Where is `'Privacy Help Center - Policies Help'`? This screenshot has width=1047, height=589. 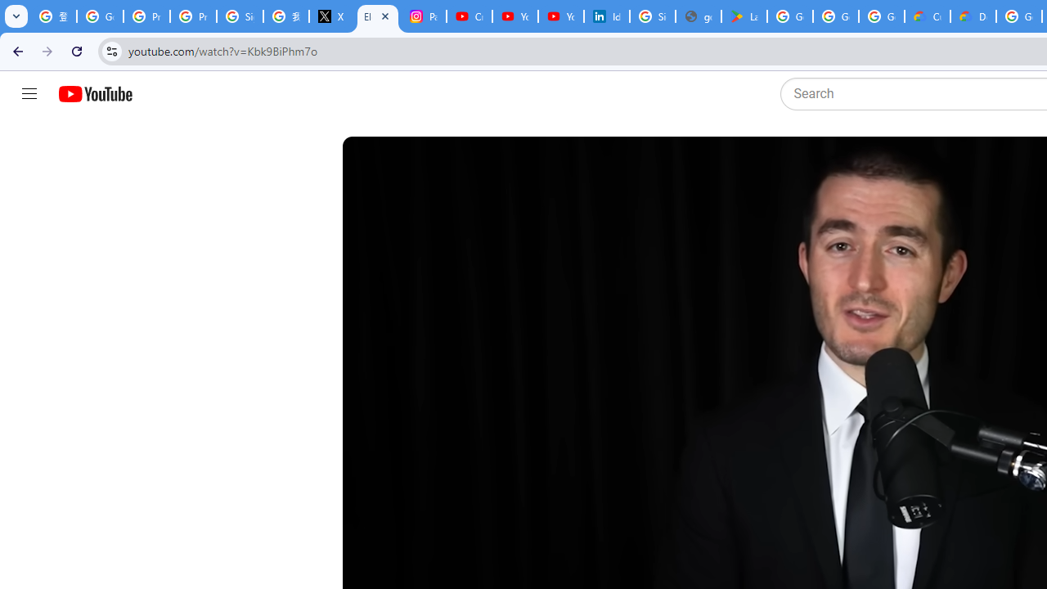
'Privacy Help Center - Policies Help' is located at coordinates (193, 16).